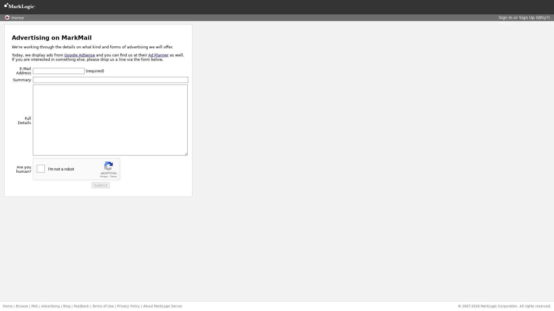 The image size is (554, 311). Describe the element at coordinates (100, 185) in the screenshot. I see `Submit` at that location.